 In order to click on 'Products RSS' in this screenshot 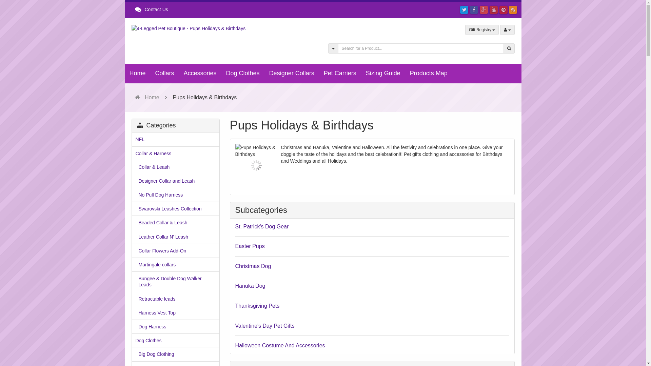, I will do `click(513, 10)`.